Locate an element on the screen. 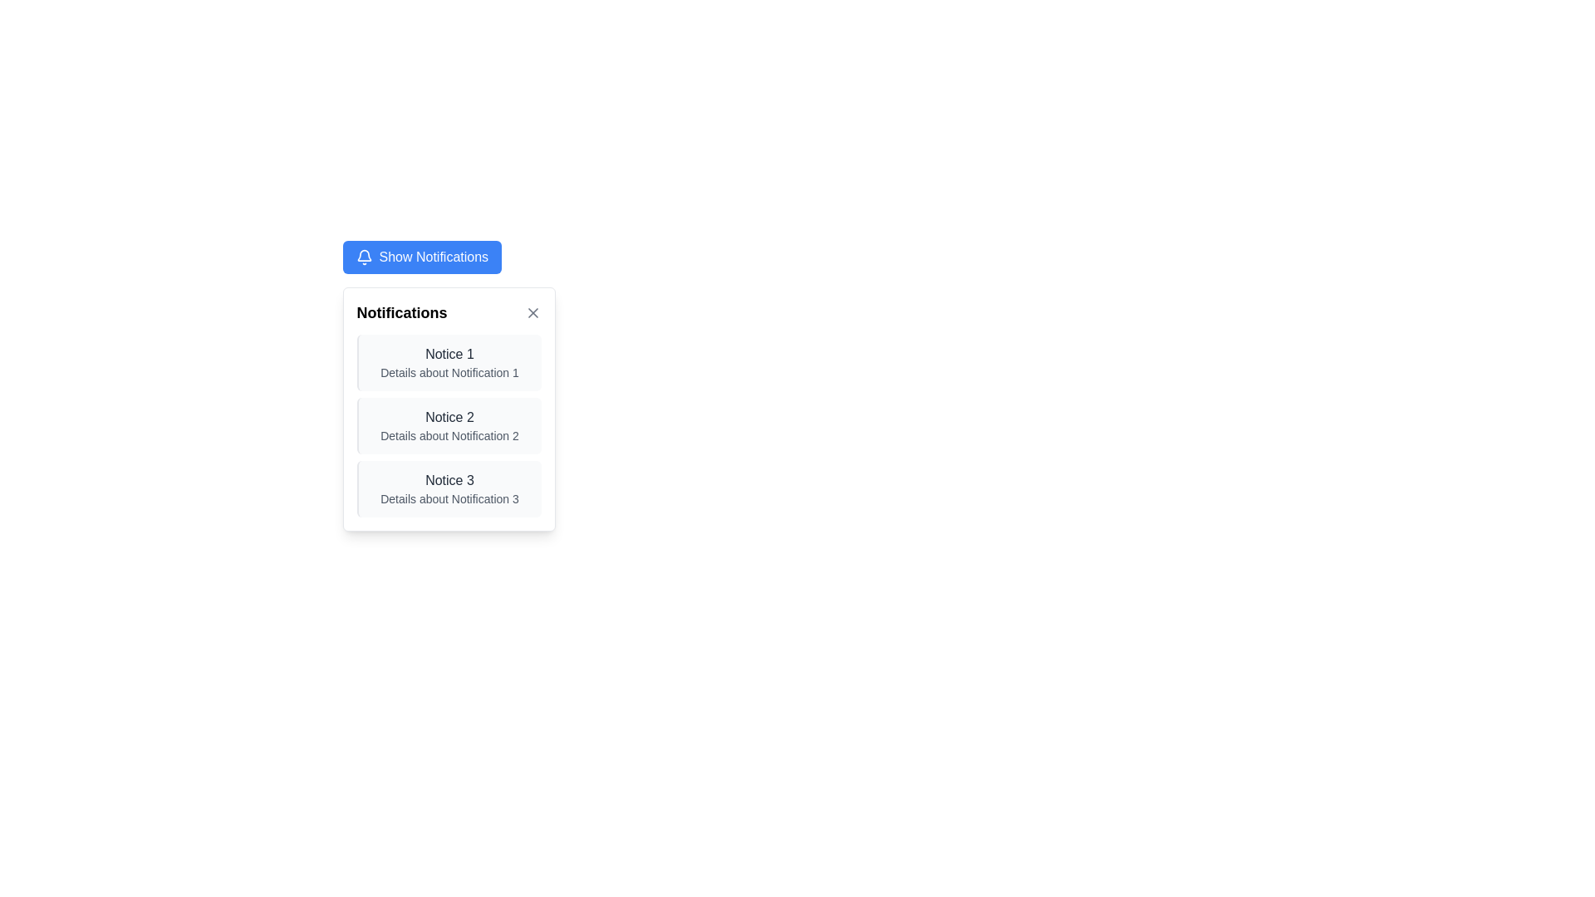 The width and height of the screenshot is (1595, 897). the button that toggles the visibility of the notifications dropdown to show or hide the notifications list is located at coordinates (449, 257).